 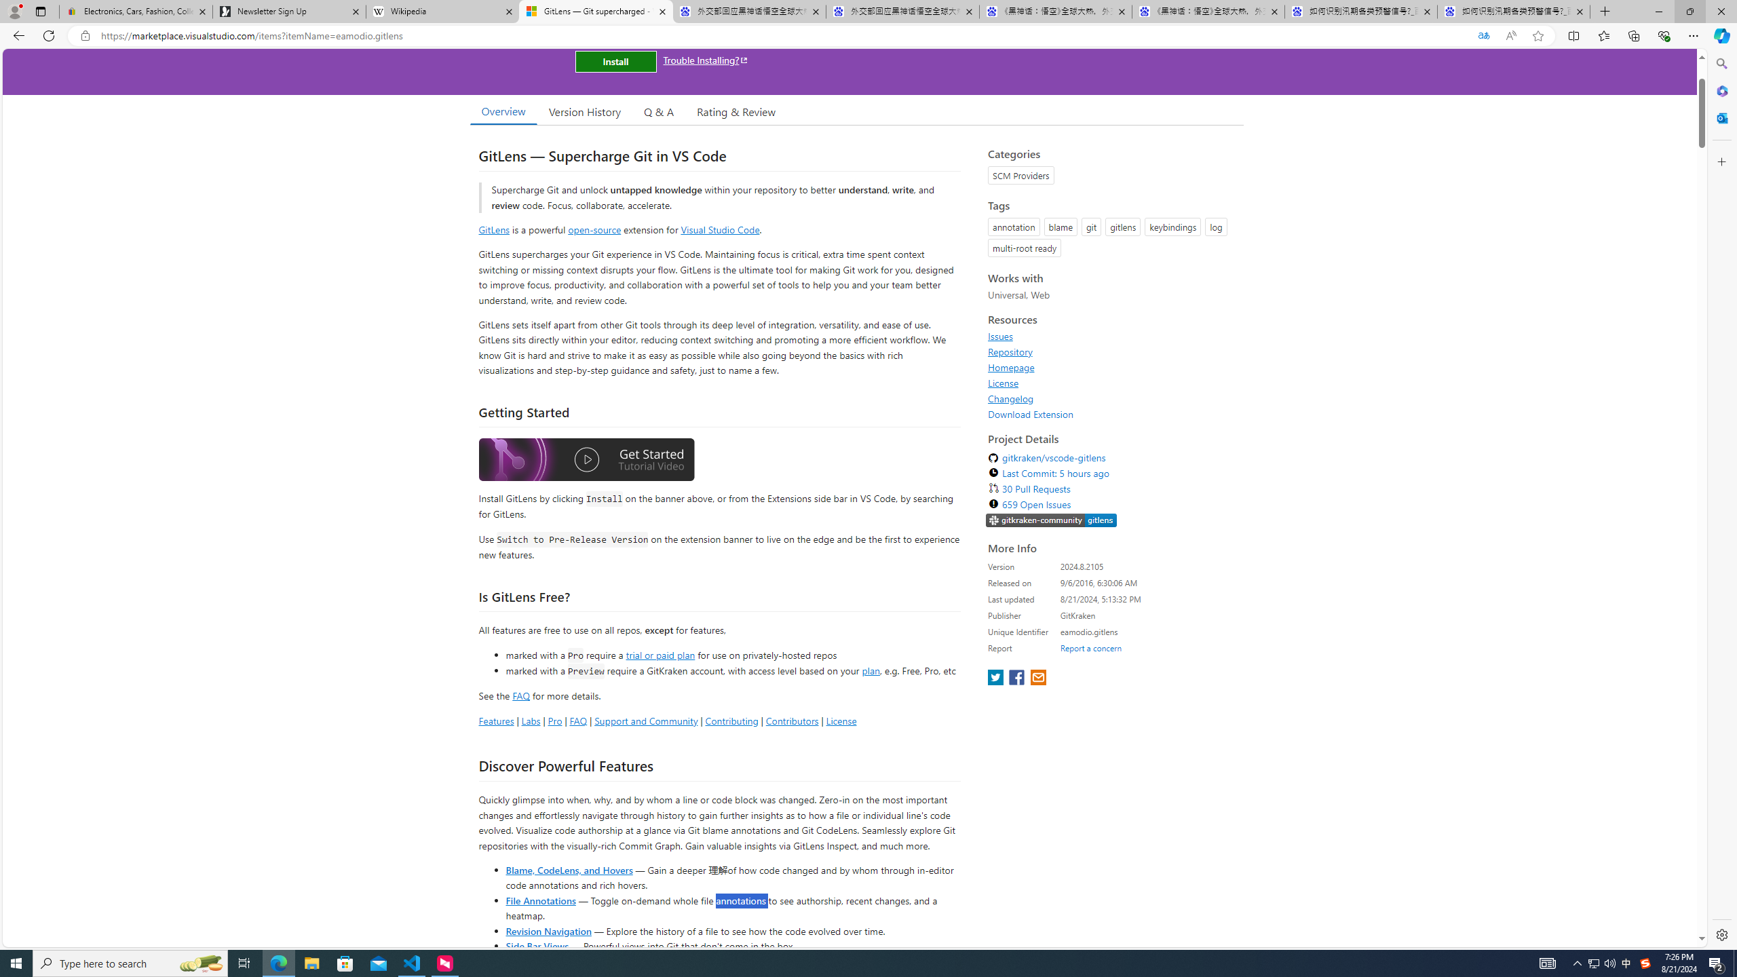 I want to click on 'Rating & Review', so click(x=736, y=111).